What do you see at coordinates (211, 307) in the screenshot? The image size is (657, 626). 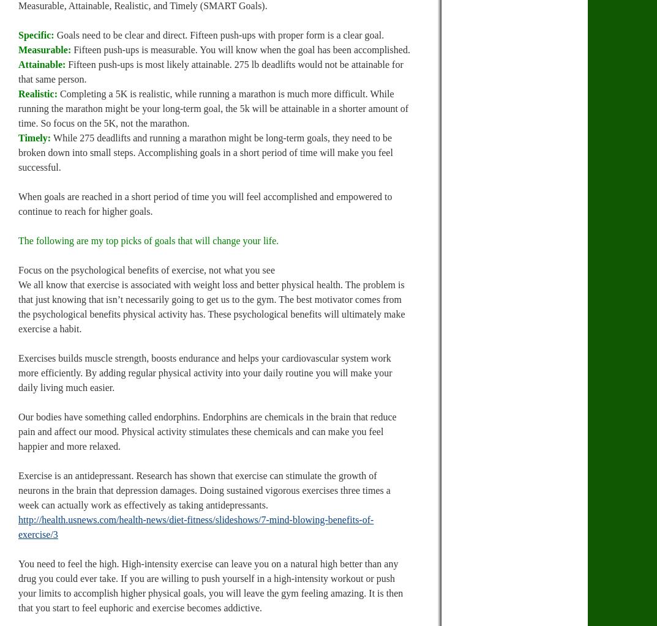 I see `'We all know that exercise is associated with weight loss and better physical health. The problem is that just knowing that isn’t necessarily going to get us to the gym. The best motivator comes from the psychological benefits physical activity has. These psychological benefits will ultimately make exercise a habit.'` at bounding box center [211, 307].